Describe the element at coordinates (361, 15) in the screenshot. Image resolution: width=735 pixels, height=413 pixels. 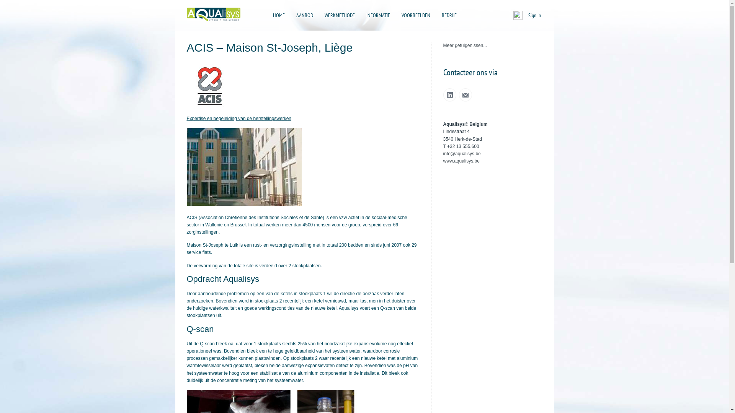
I see `'INFORMATIE'` at that location.